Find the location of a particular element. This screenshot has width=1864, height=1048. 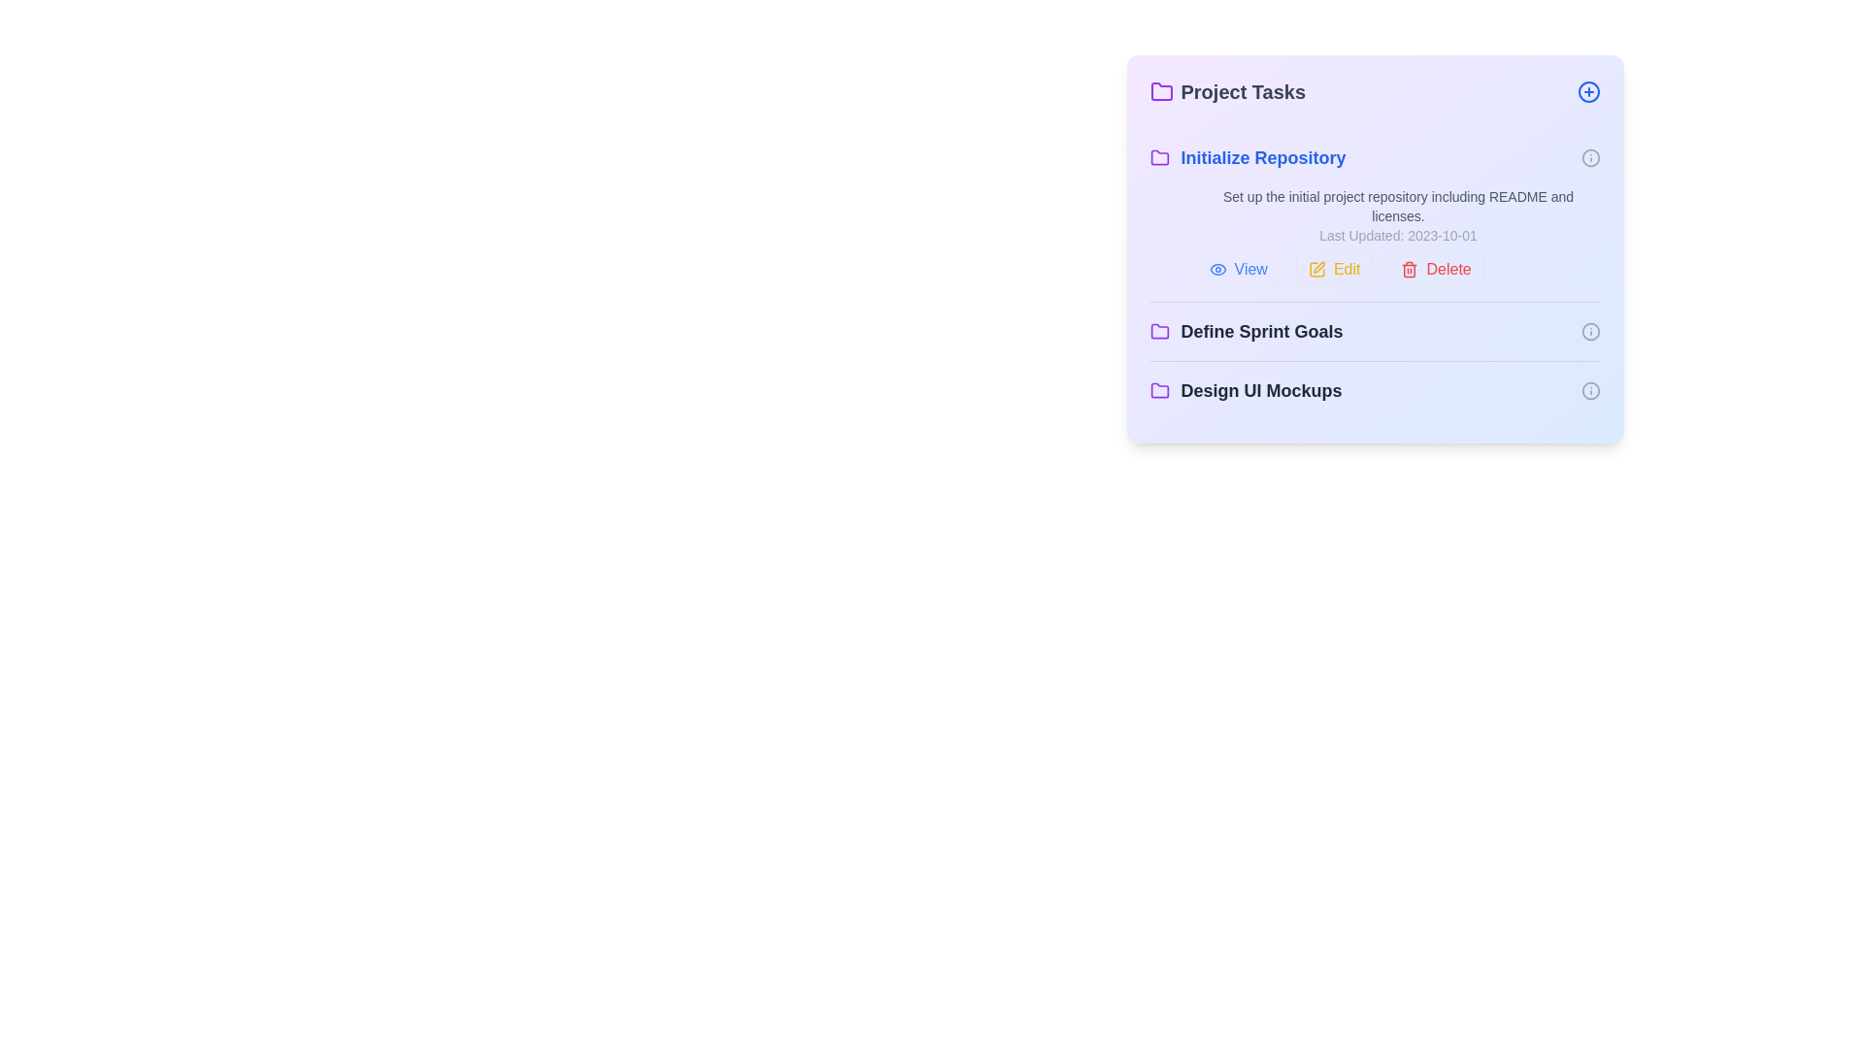

the static text label that indicates the last modification date for the associated task, positioned beneath the task description and above the action buttons is located at coordinates (1398, 235).